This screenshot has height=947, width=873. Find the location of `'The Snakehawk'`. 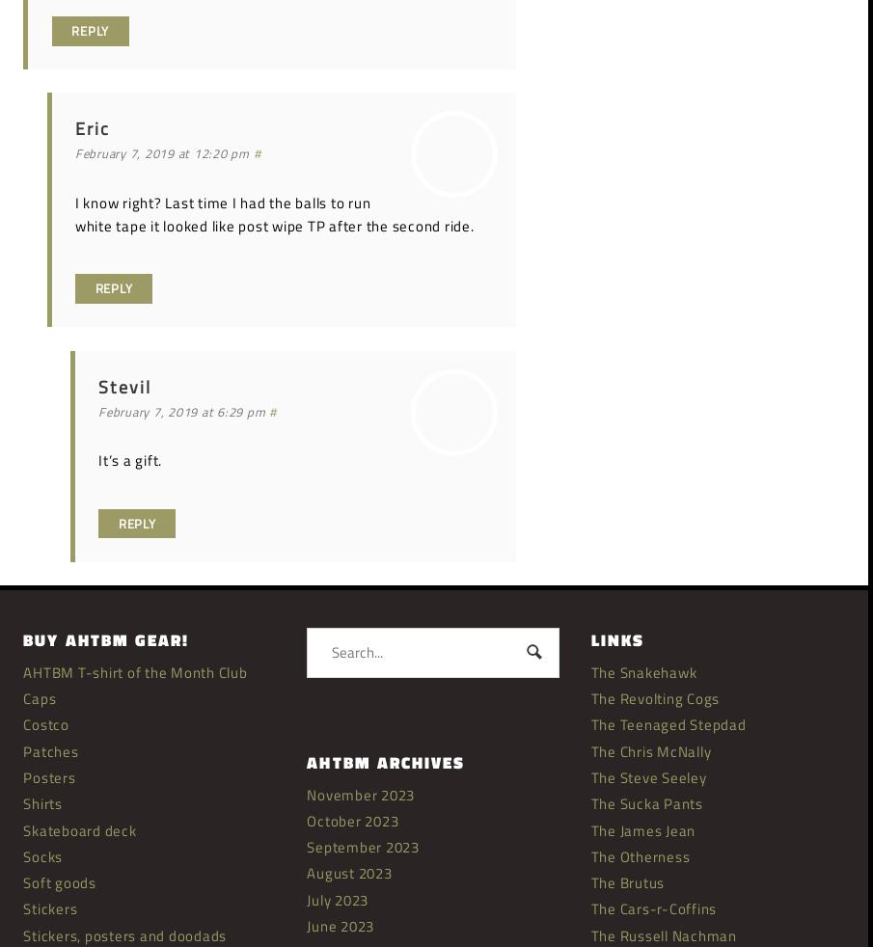

'The Snakehawk' is located at coordinates (642, 670).